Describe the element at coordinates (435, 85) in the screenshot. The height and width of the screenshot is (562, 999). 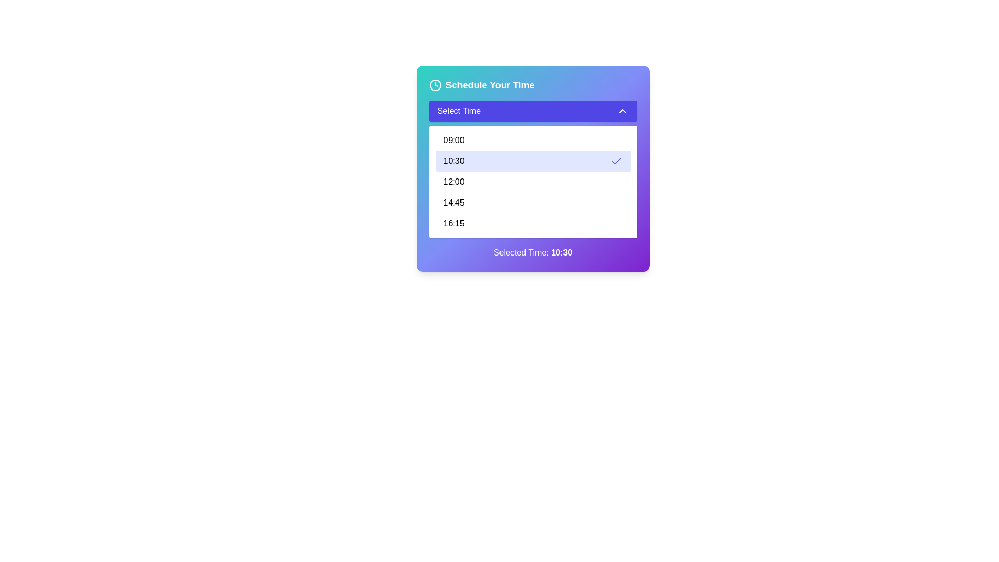
I see `the circular outer boundary of the clock icon located at the top left corner of the 'Schedule Your Time' panel` at that location.